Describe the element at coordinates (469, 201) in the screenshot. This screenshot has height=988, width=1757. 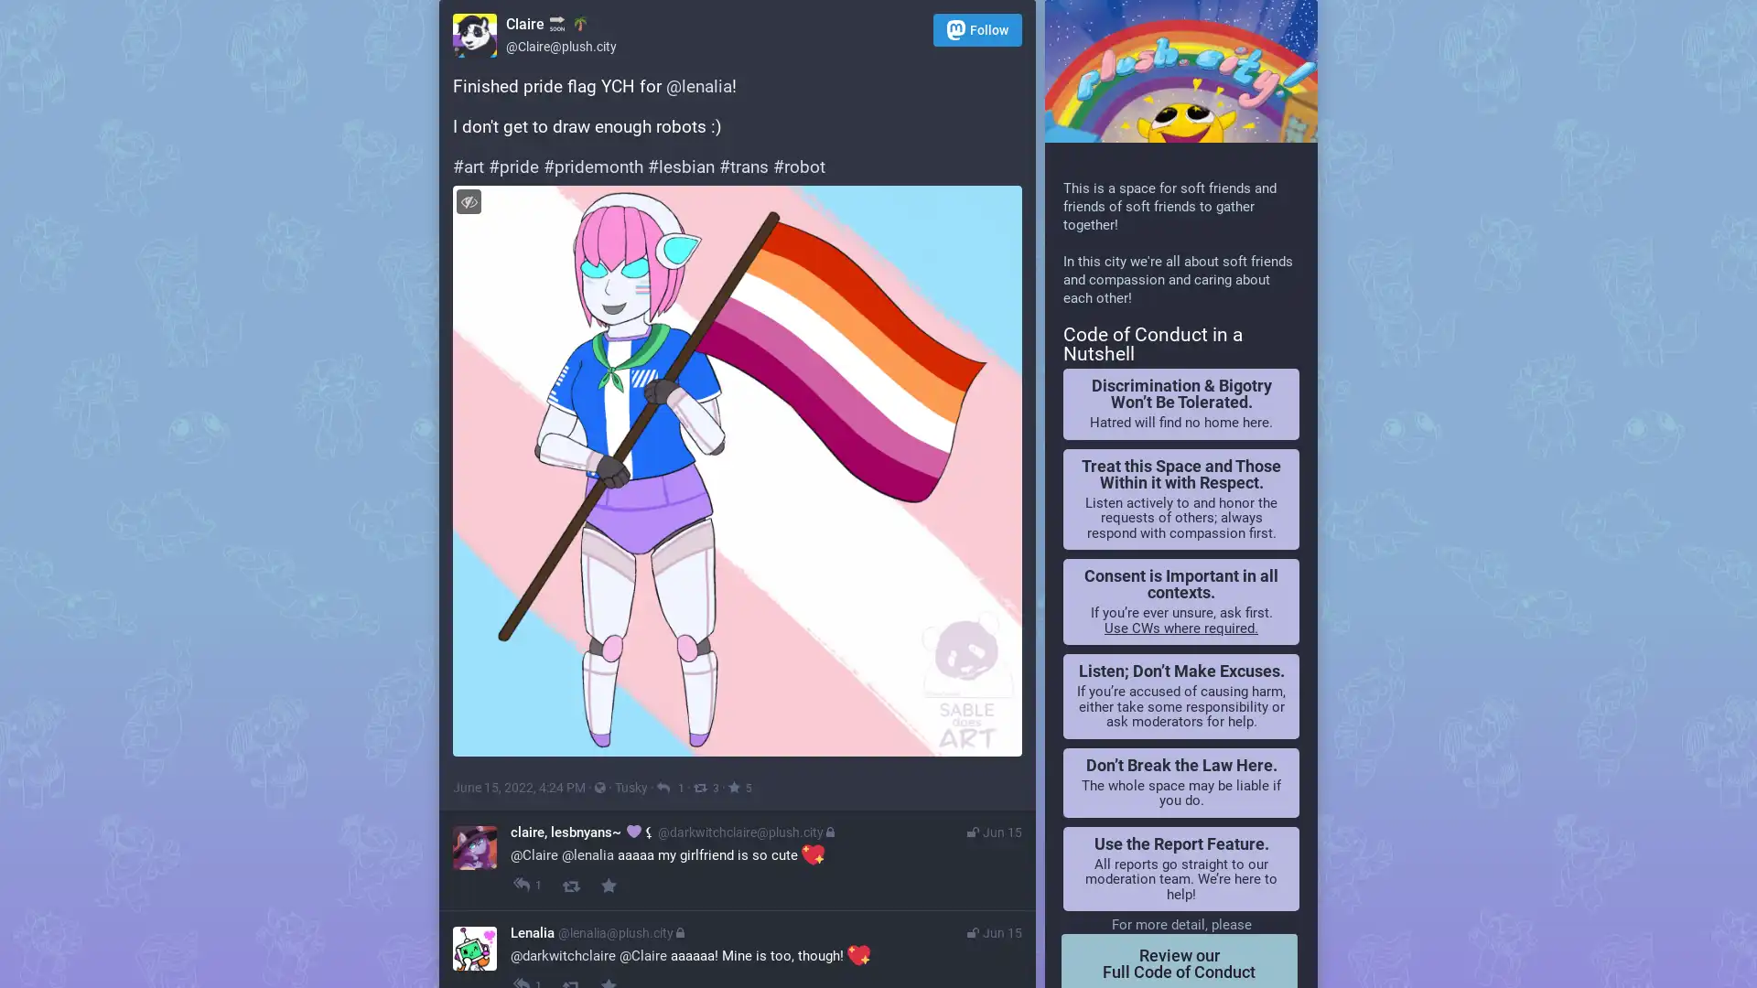
I see `Hide image` at that location.